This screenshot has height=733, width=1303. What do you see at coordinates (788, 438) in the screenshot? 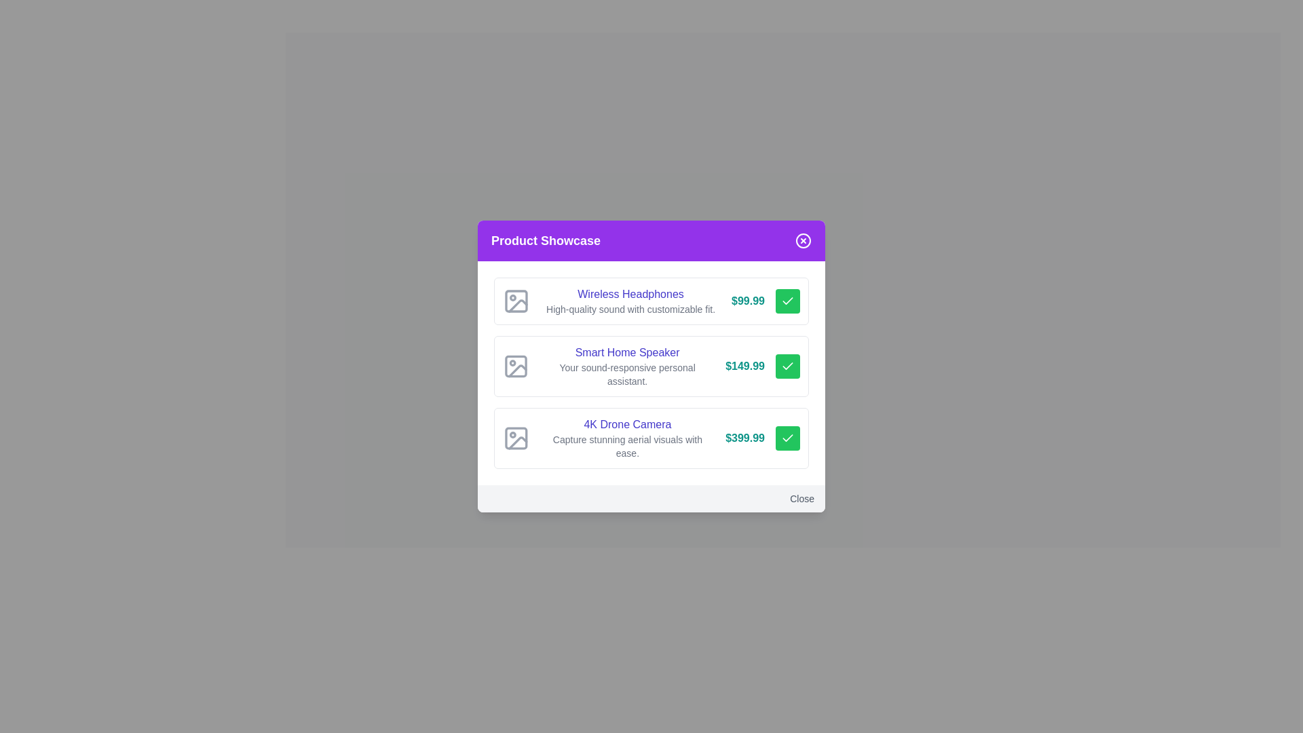
I see `the confirmation icon located within the bottom-most green button, which is centered inside the button aligned with the '4K Drone Camera' entry` at bounding box center [788, 438].